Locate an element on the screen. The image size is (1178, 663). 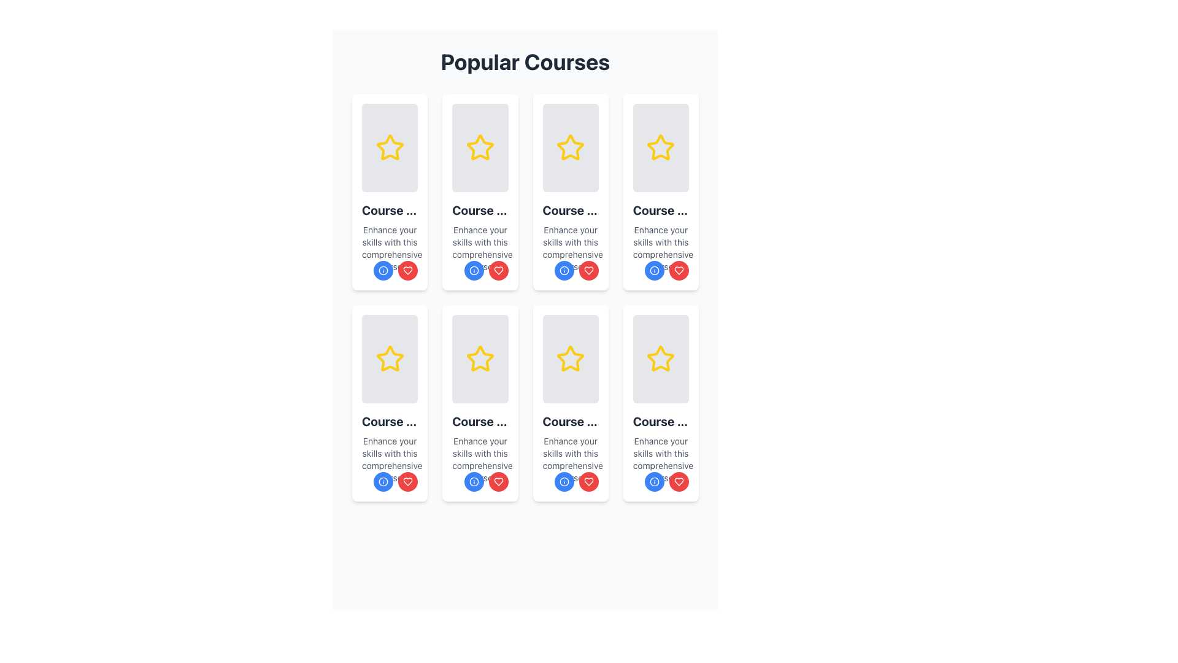
the Information Icon Button, which is a small icon resembling an information symbol within a blue circular background located at the bottom left corner of the card in the second row and first column of the grid is located at coordinates (383, 481).